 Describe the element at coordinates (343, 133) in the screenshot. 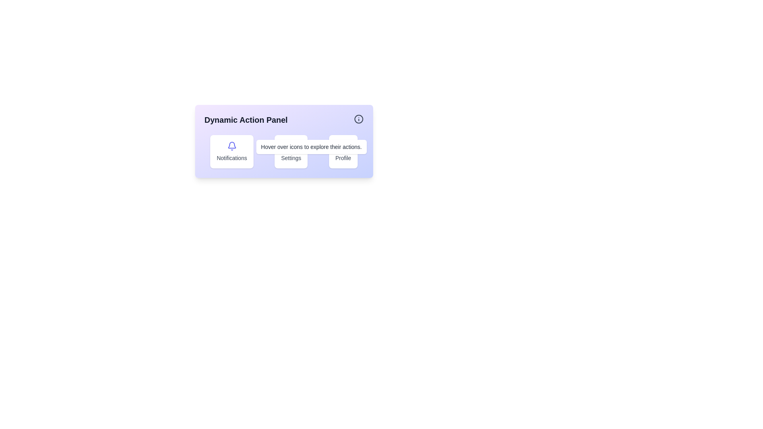

I see `the Tooltip that provides additional information about the 'Profile' button, located at the top center of the button` at that location.